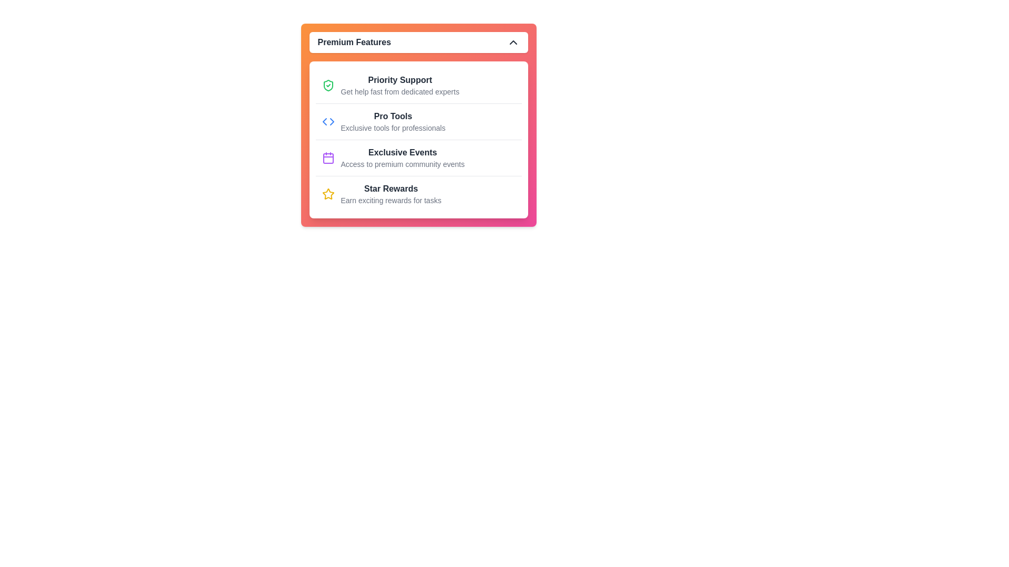  What do you see at coordinates (327, 85) in the screenshot?
I see `the information represented by the green shield icon with a checkmark inside, which is located to the left of the text 'Priority Support' in the Premium Features section` at bounding box center [327, 85].